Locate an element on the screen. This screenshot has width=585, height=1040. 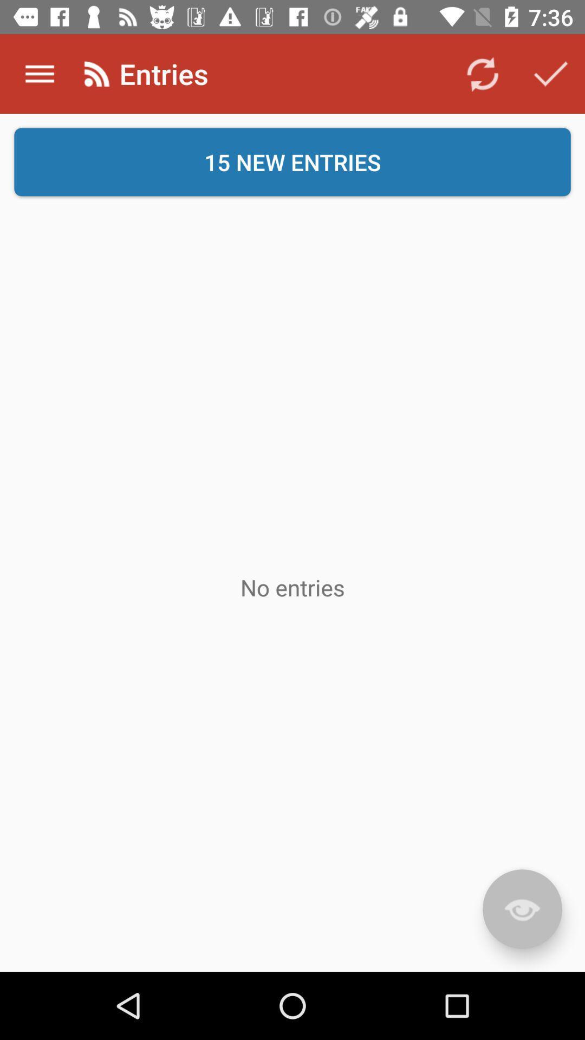
no entries is located at coordinates (292, 587).